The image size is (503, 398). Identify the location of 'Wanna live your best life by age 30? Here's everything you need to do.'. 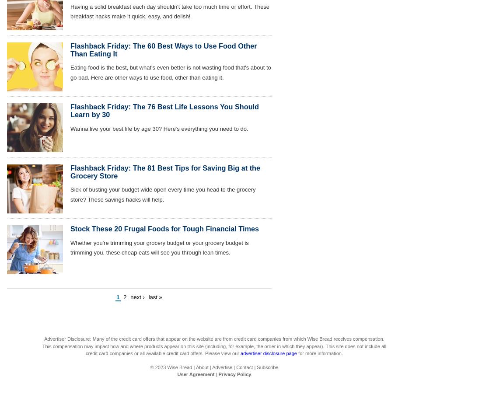
(70, 128).